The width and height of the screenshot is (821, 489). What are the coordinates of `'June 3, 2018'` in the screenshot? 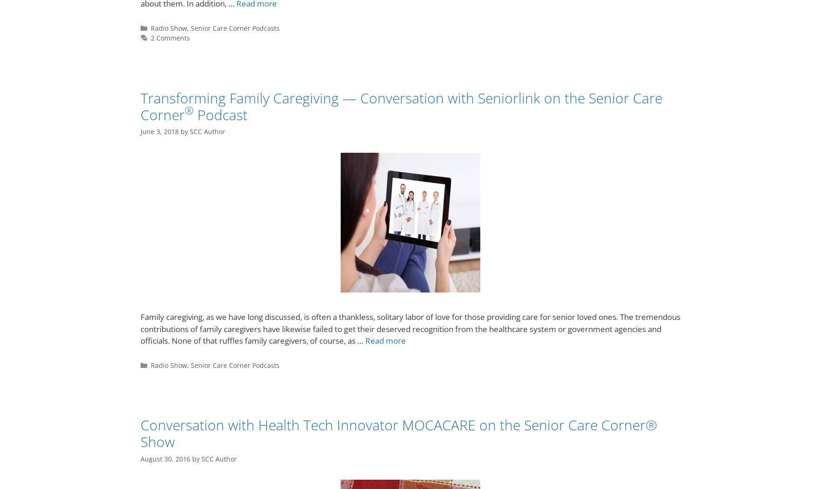 It's located at (140, 131).